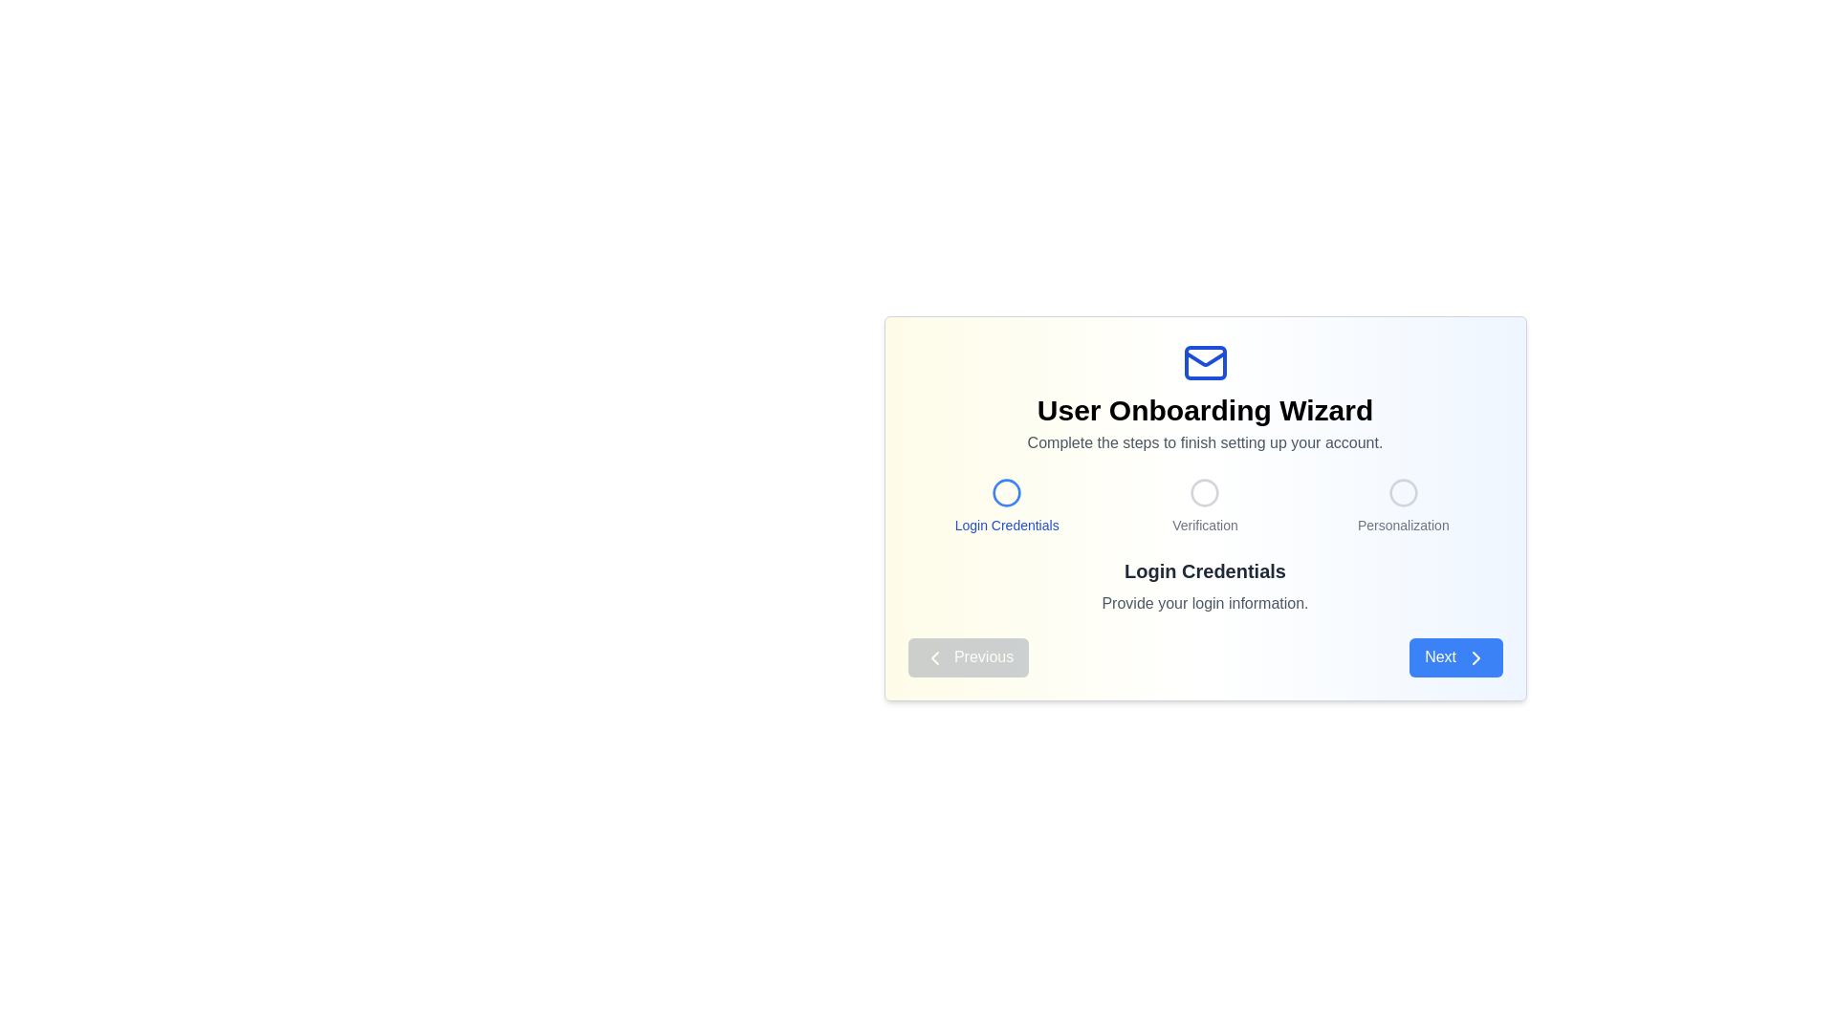  I want to click on the decorative rectangular shape with rounded corners within the mail icon of the 'User Onboarding Wizard' card component, so click(1204, 363).